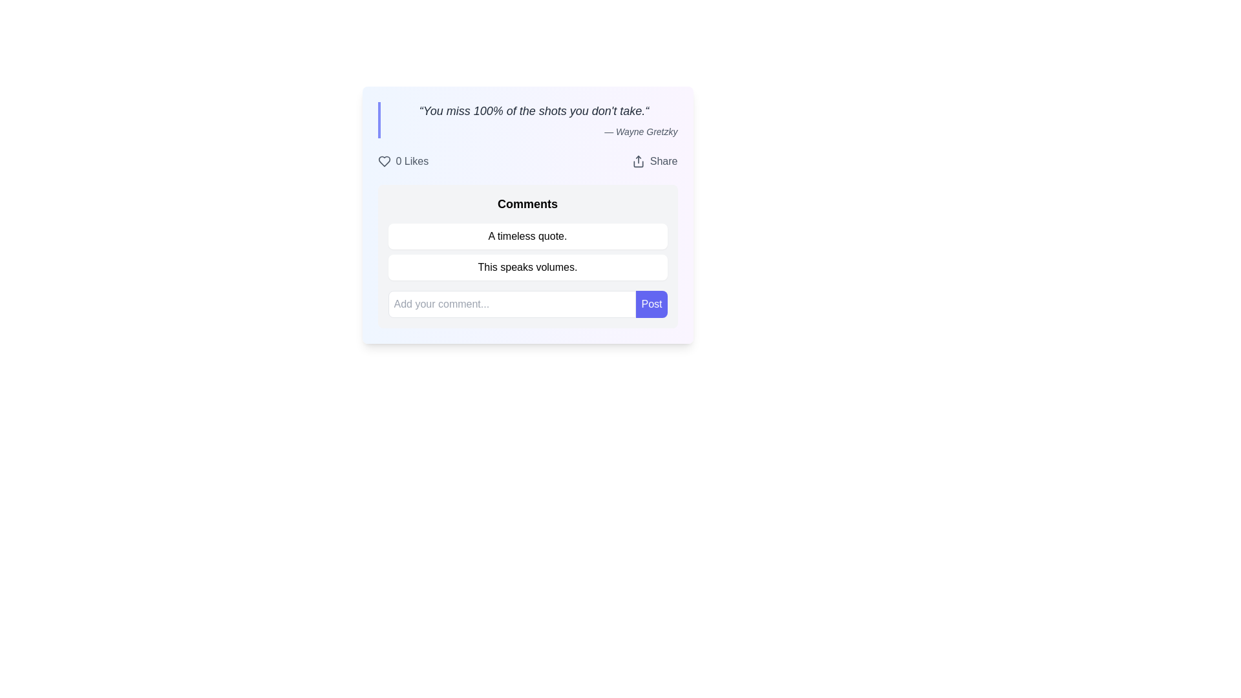 The height and width of the screenshot is (698, 1241). What do you see at coordinates (638, 161) in the screenshot?
I see `the decorative 'Share' icon located in the top-right section of the card interface` at bounding box center [638, 161].